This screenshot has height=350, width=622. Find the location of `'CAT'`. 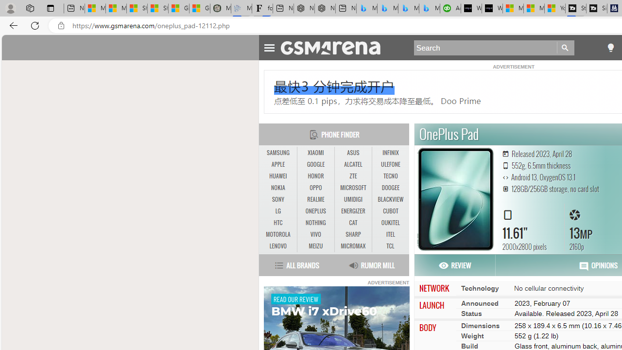

'CAT' is located at coordinates (353, 223).